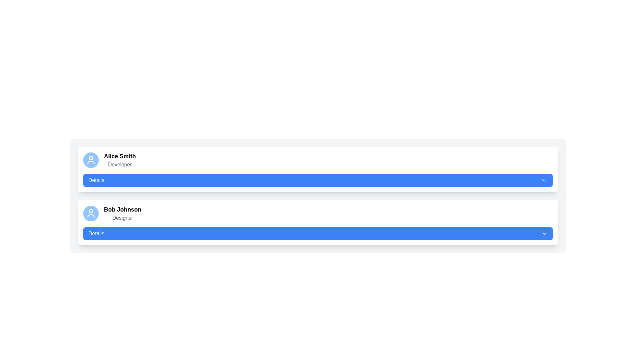 The height and width of the screenshot is (351, 624). Describe the element at coordinates (90, 158) in the screenshot. I see `the inner circular user avatar icon located next to the text 'Alice Smith' and 'Developer'` at that location.